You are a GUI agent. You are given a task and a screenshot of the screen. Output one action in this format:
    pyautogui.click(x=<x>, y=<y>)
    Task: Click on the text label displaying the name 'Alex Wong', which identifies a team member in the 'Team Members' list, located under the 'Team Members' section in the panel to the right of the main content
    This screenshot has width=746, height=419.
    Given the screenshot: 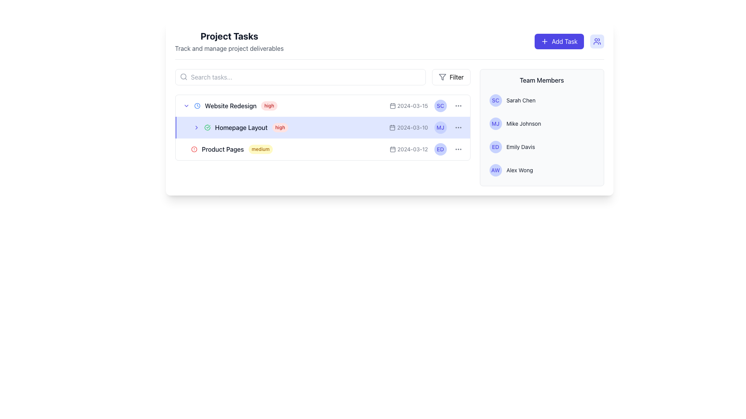 What is the action you would take?
    pyautogui.click(x=519, y=170)
    